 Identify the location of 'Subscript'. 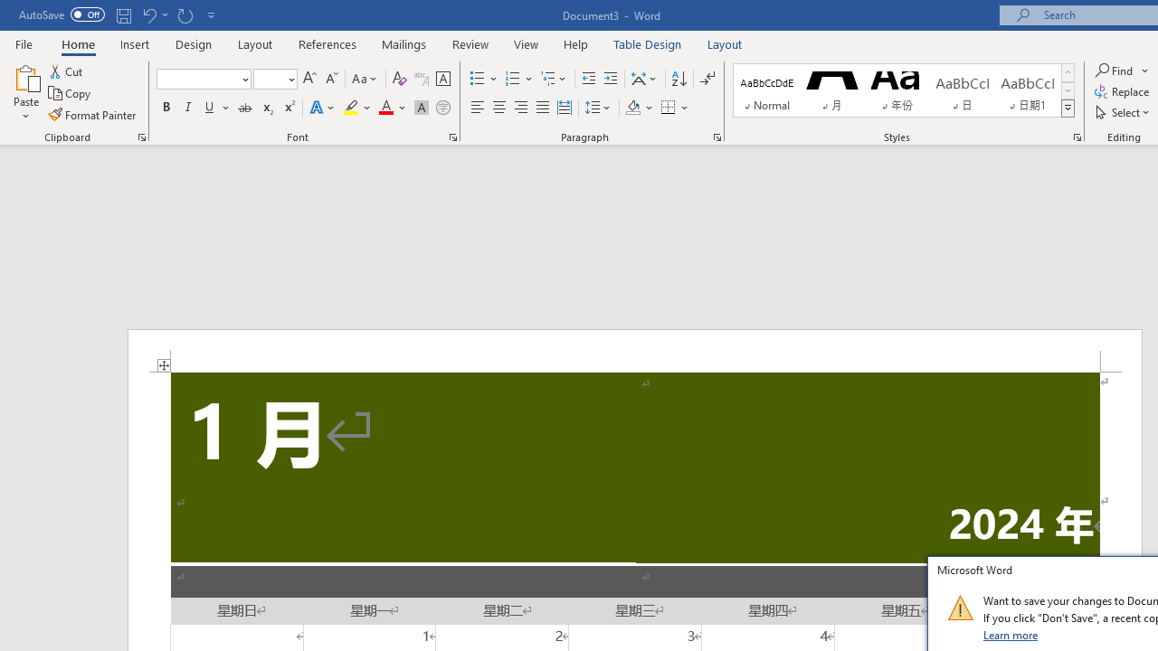
(266, 108).